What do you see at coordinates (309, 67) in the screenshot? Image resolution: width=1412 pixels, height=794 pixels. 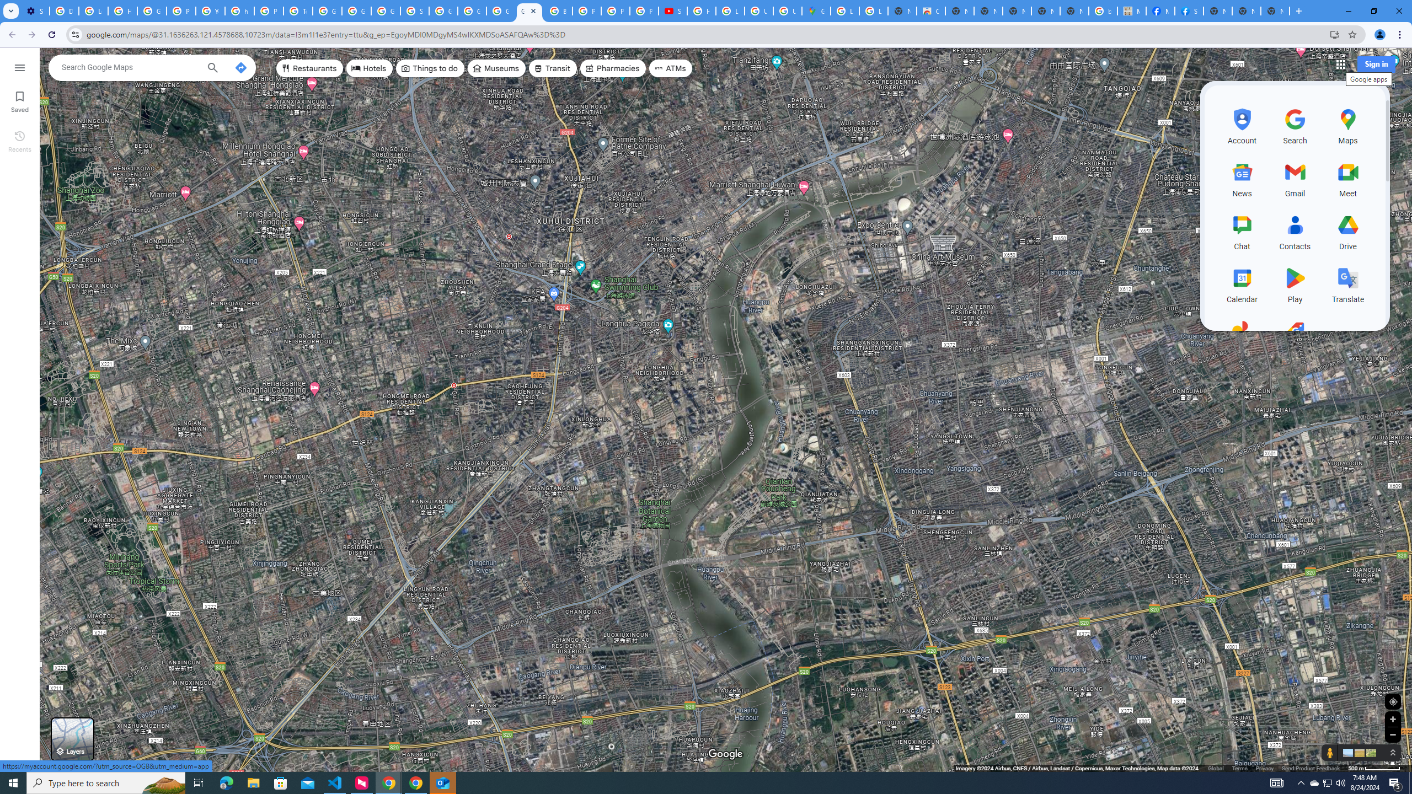 I see `'Restaurants'` at bounding box center [309, 67].